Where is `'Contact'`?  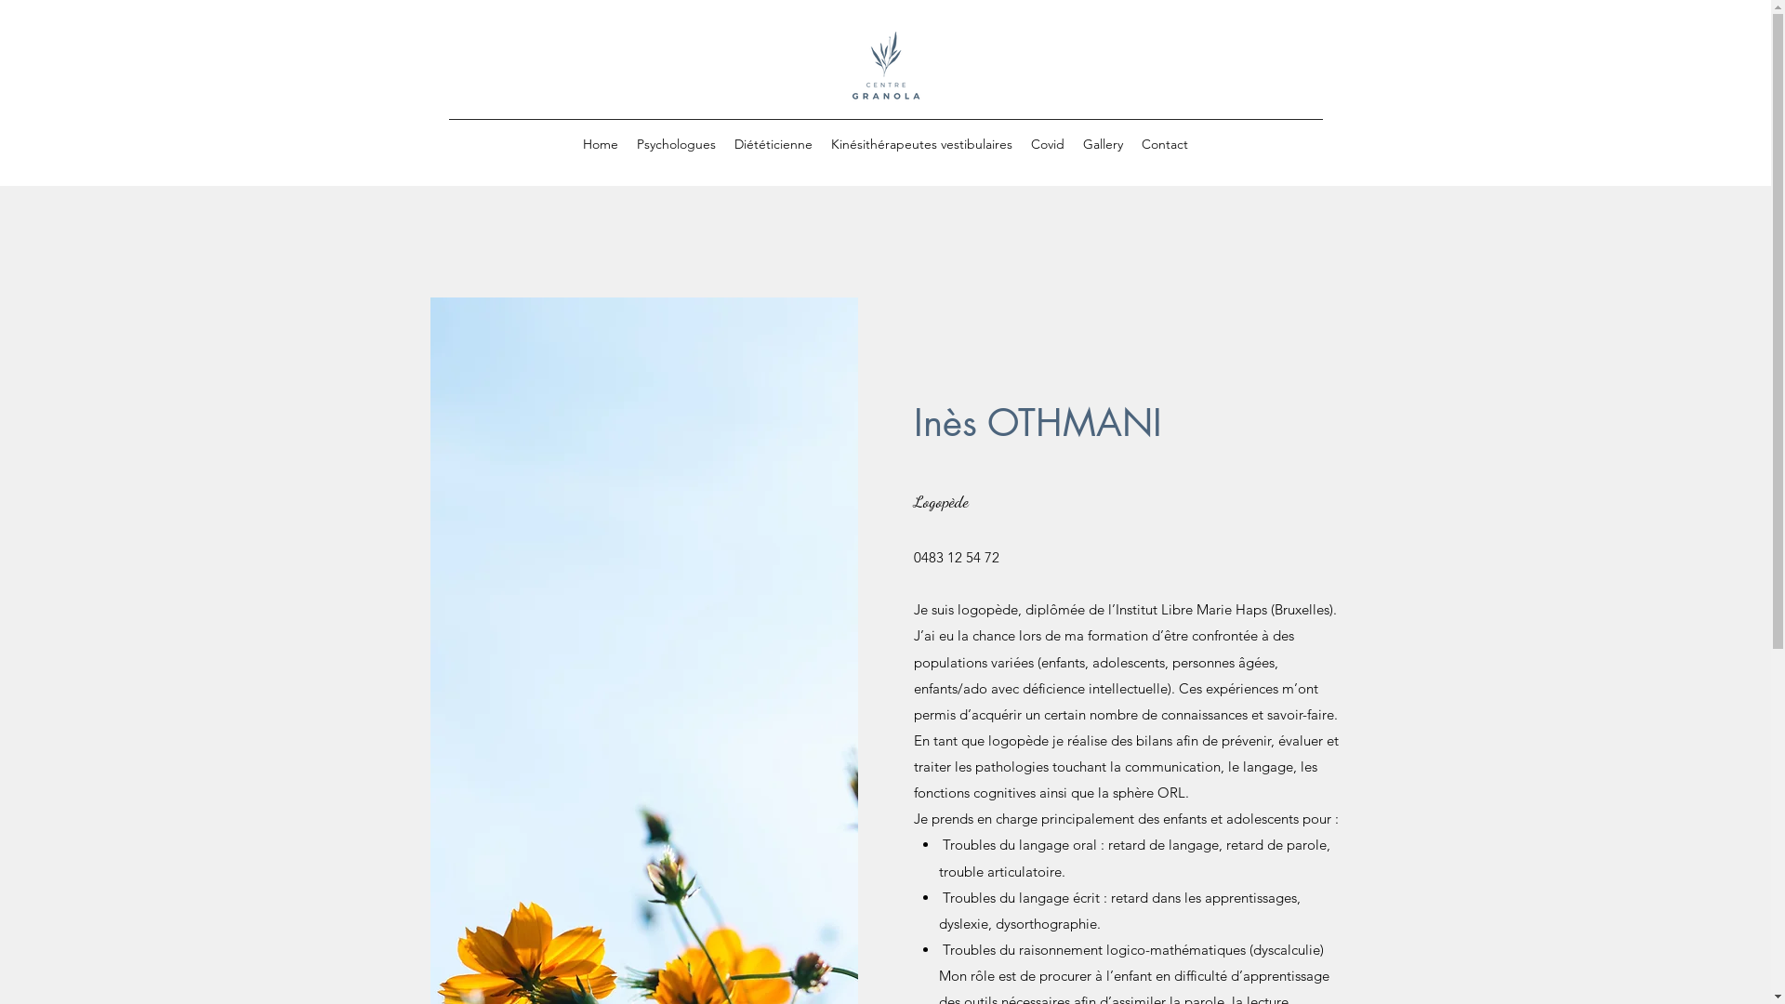
'Contact' is located at coordinates (1131, 142).